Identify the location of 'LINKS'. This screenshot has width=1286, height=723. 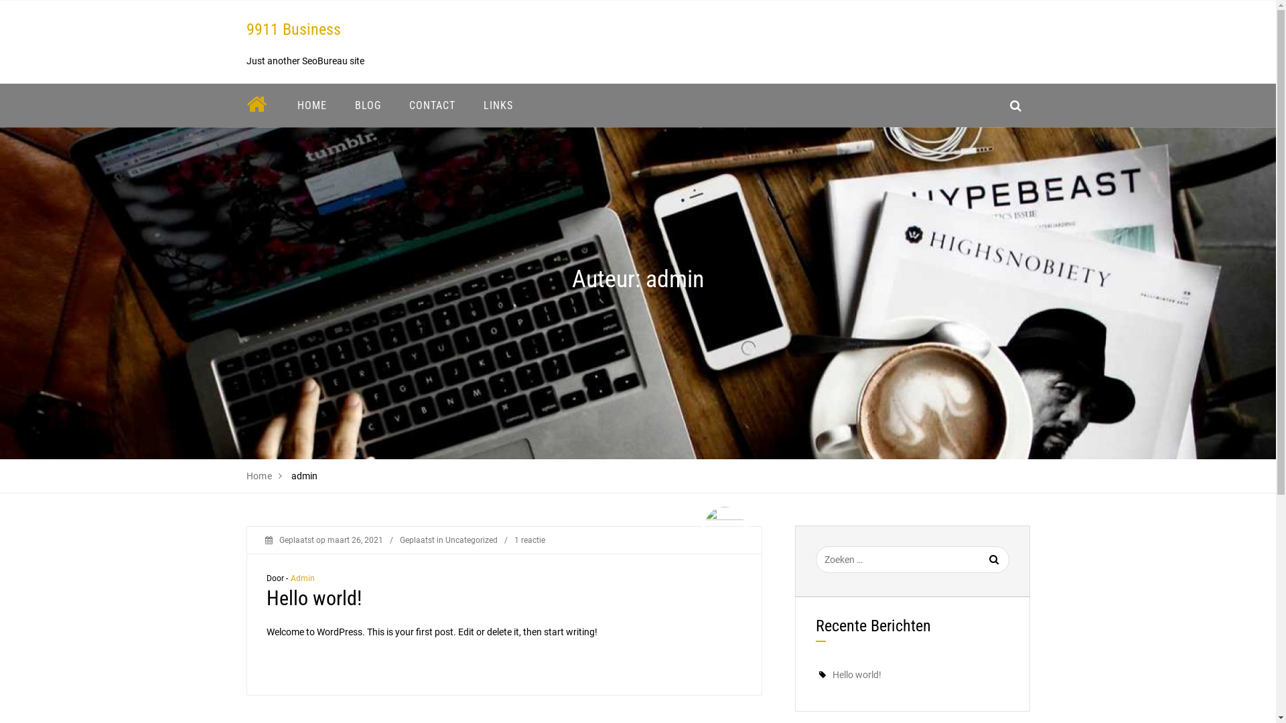
(497, 104).